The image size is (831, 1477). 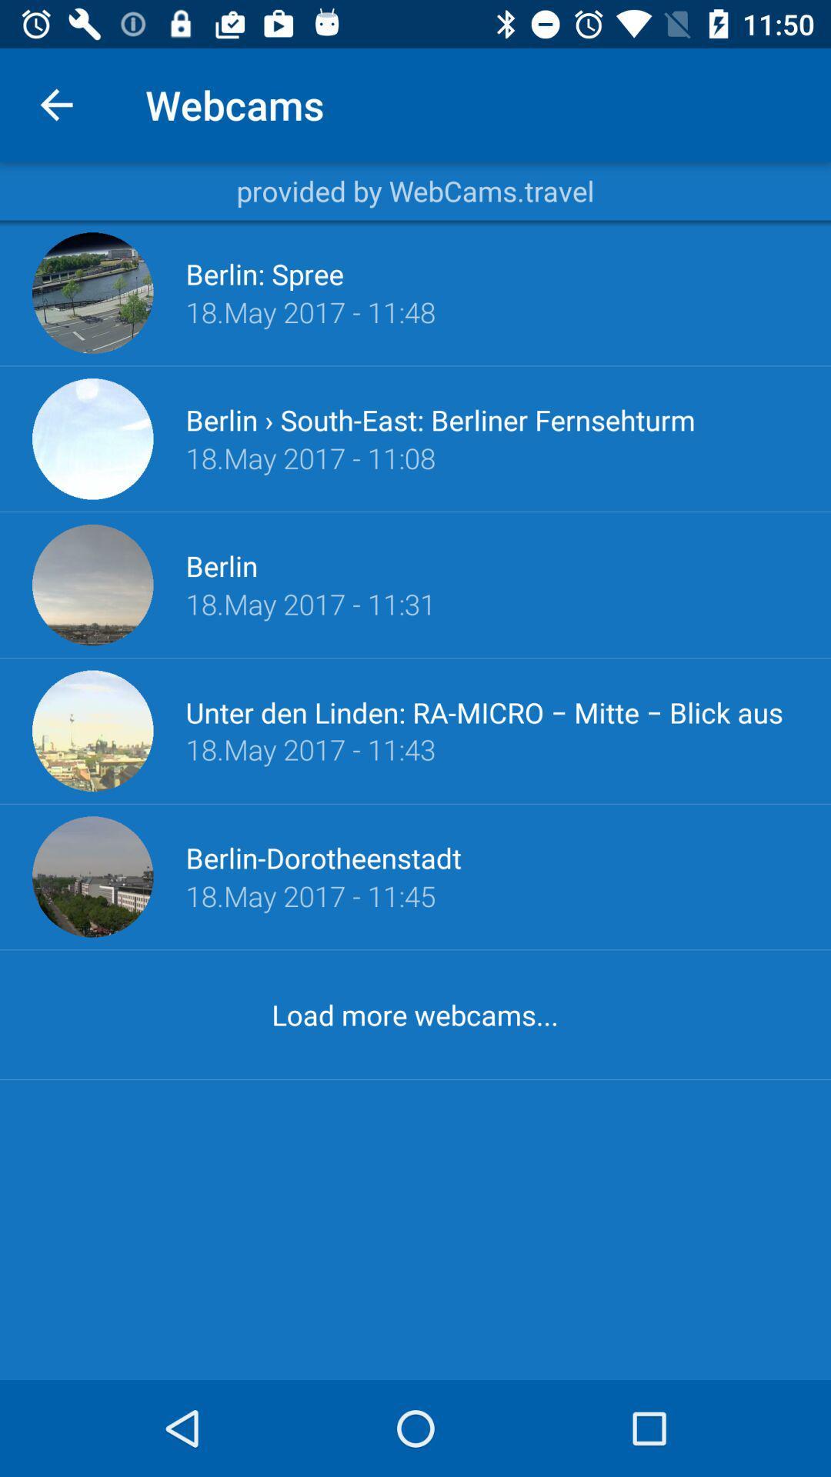 What do you see at coordinates (414, 1015) in the screenshot?
I see `the icon below the 18 may 2017` at bounding box center [414, 1015].